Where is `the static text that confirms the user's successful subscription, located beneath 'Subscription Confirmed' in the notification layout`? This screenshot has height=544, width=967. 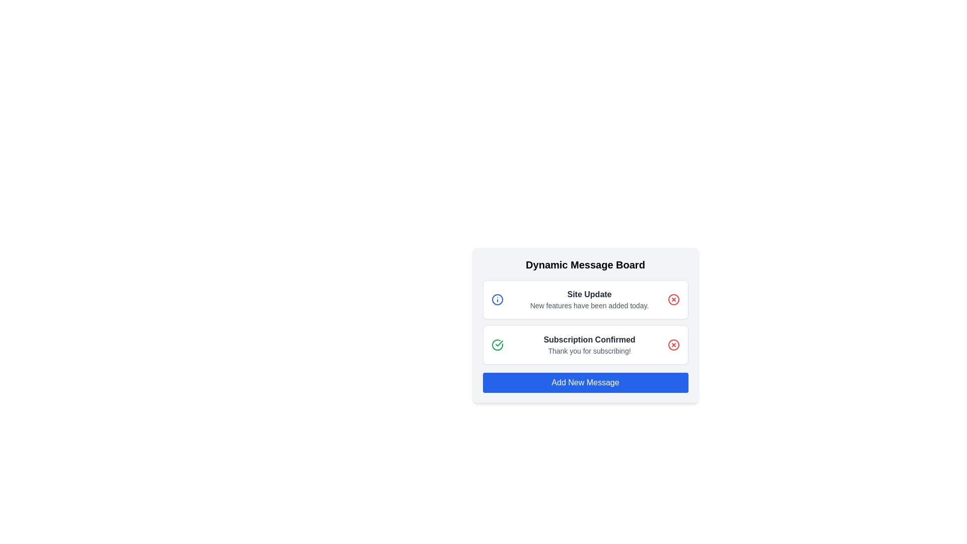
the static text that confirms the user's successful subscription, located beneath 'Subscription Confirmed' in the notification layout is located at coordinates (589, 351).